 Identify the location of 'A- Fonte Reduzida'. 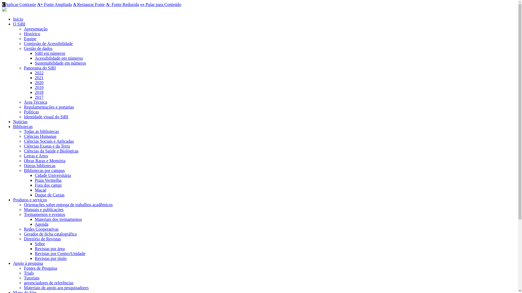
(106, 4).